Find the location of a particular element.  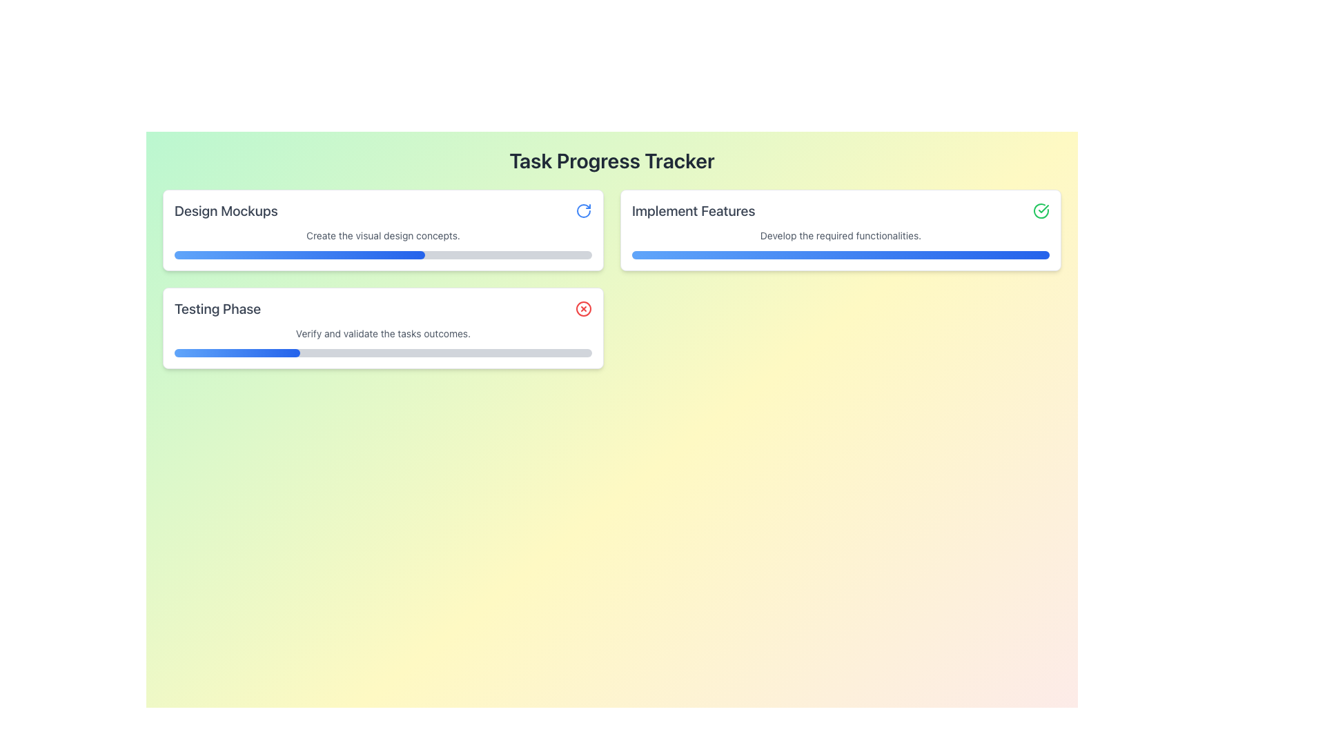

the text label that serves as a title or label for the project or task phase located in the upper left corner of the first card in the top row is located at coordinates (226, 210).